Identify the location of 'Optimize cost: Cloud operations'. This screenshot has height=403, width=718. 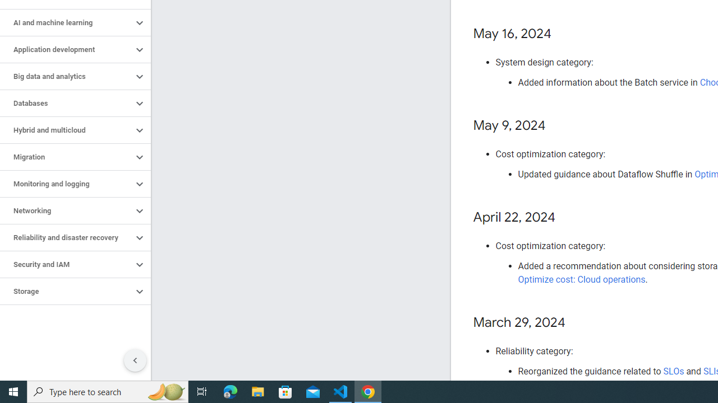
(581, 279).